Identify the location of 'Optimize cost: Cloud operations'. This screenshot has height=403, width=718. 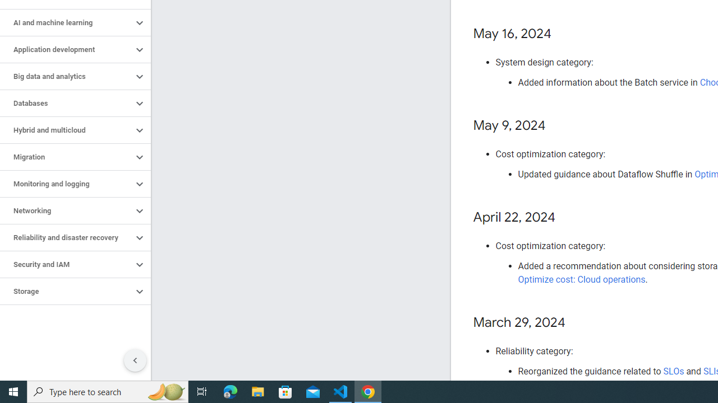
(581, 279).